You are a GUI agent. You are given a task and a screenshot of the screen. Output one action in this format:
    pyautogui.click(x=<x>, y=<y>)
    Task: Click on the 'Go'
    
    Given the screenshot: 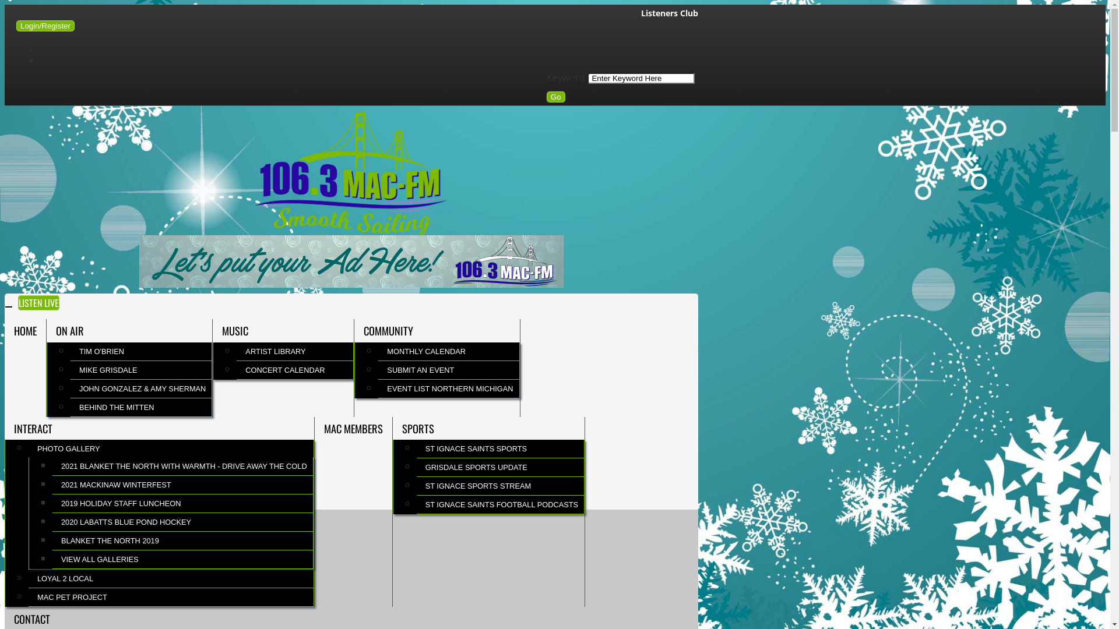 What is the action you would take?
    pyautogui.click(x=555, y=96)
    